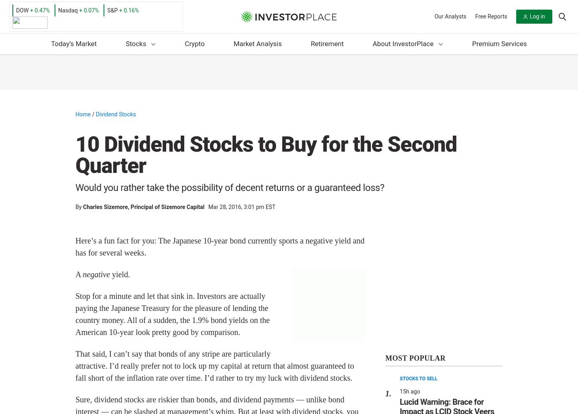  I want to click on 'All Stock Picks', so click(173, 146).